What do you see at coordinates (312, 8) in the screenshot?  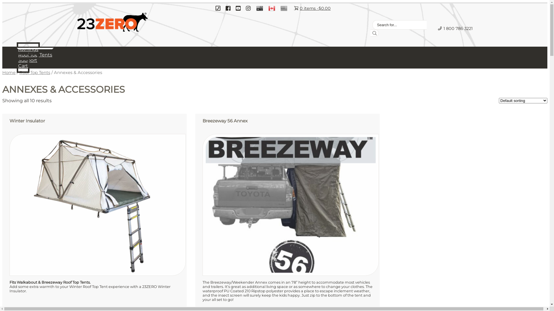 I see `'0 items -` at bounding box center [312, 8].